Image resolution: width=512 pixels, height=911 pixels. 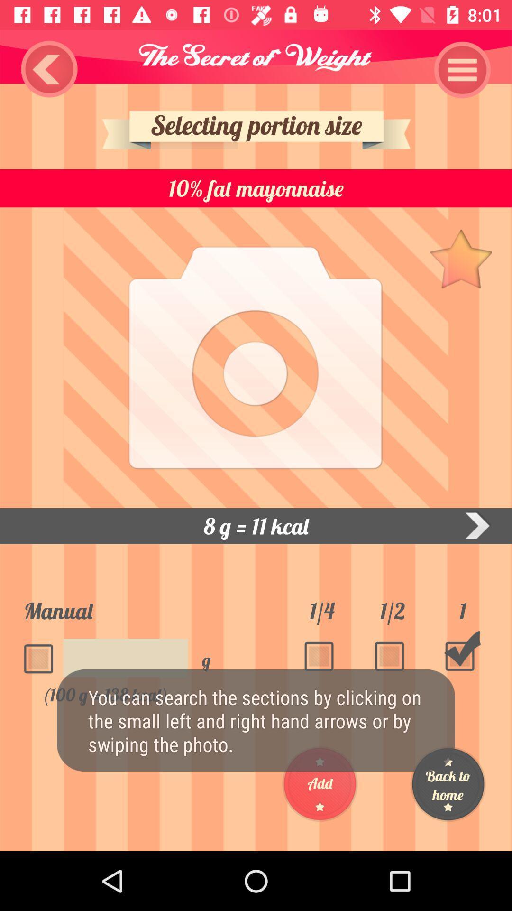 I want to click on the checkbox below text 1, so click(x=462, y=651).